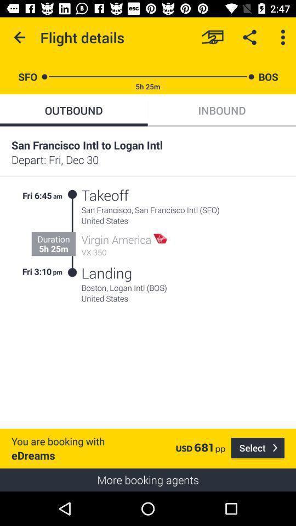 The width and height of the screenshot is (296, 526). Describe the element at coordinates (58, 271) in the screenshot. I see `item above you are booking icon` at that location.